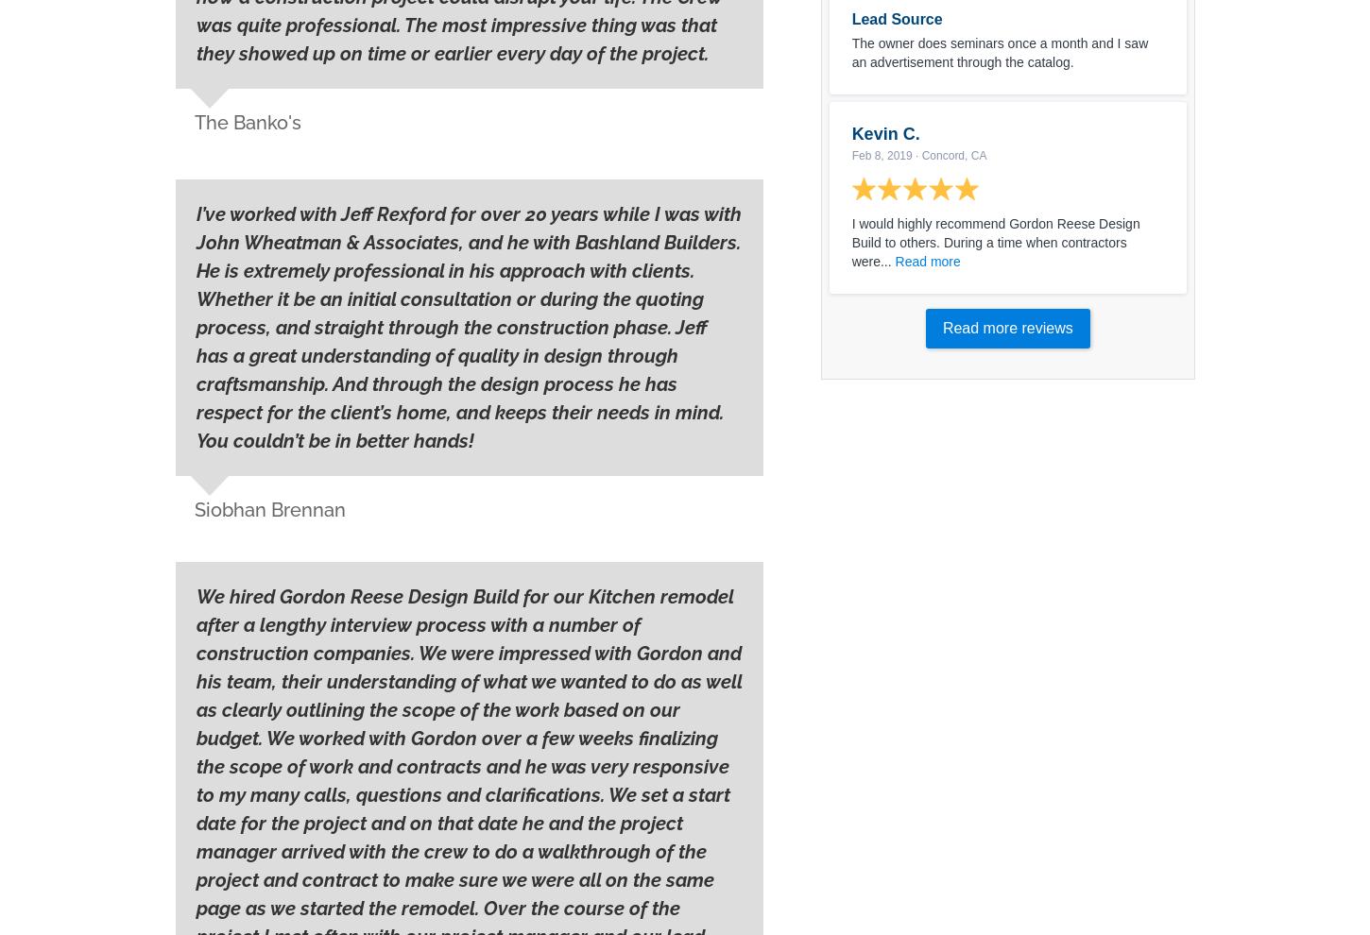 The height and width of the screenshot is (935, 1370). Describe the element at coordinates (850, 52) in the screenshot. I see `'The owner does seminars once a month and I saw an advertisement through the catalog.'` at that location.